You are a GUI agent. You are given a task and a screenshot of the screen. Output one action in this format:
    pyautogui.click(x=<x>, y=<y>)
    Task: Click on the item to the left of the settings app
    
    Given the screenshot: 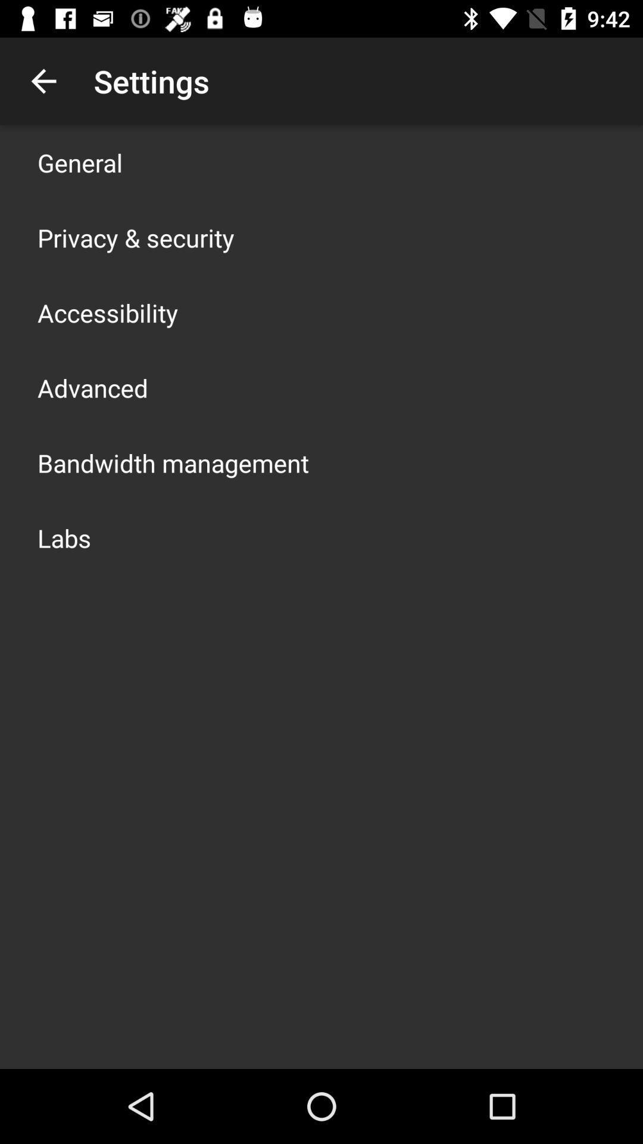 What is the action you would take?
    pyautogui.click(x=43, y=80)
    